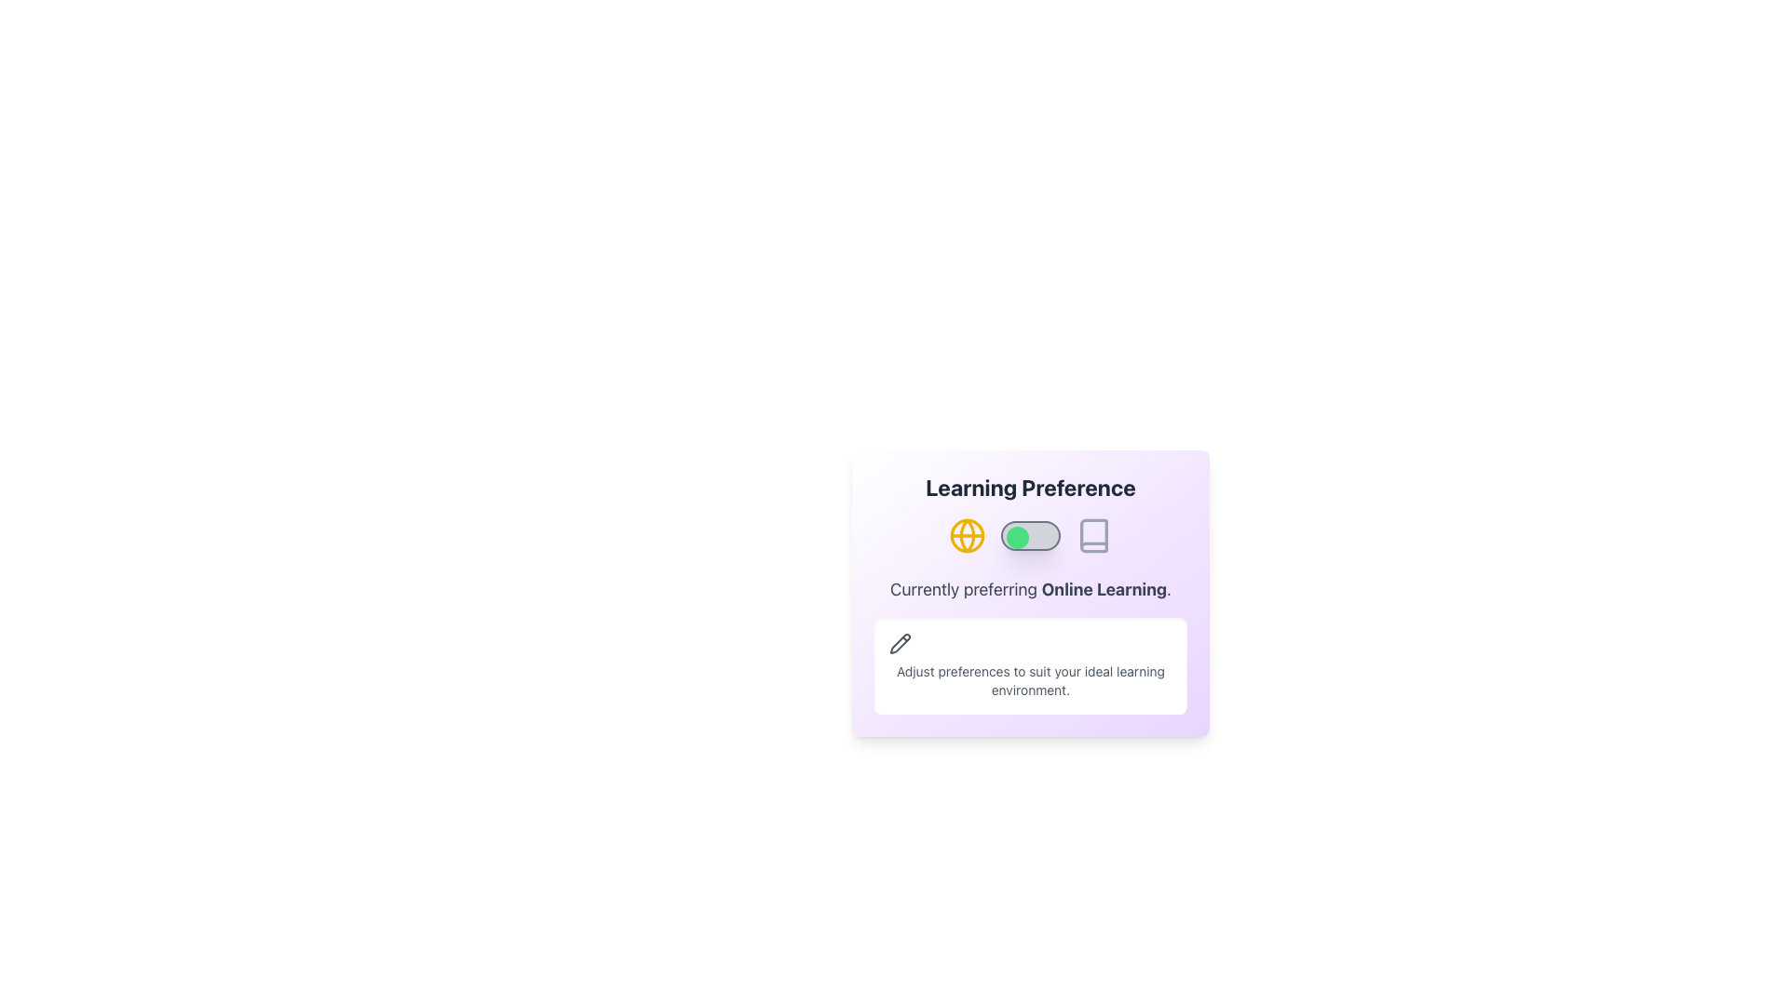 The width and height of the screenshot is (1788, 1005). What do you see at coordinates (1094, 535) in the screenshot?
I see `the book icon, which is the third icon in the horizontally aligned set within the 'Learning Preference' card, positioned to the right of the toggle switch and globe icon` at bounding box center [1094, 535].